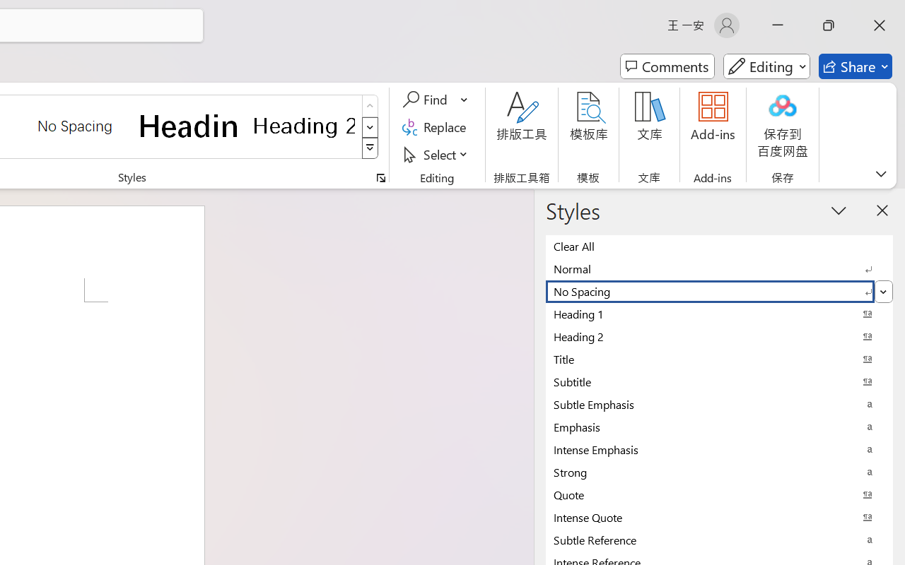 Image resolution: width=905 pixels, height=565 pixels. Describe the element at coordinates (719, 381) in the screenshot. I see `'Subtitle'` at that location.